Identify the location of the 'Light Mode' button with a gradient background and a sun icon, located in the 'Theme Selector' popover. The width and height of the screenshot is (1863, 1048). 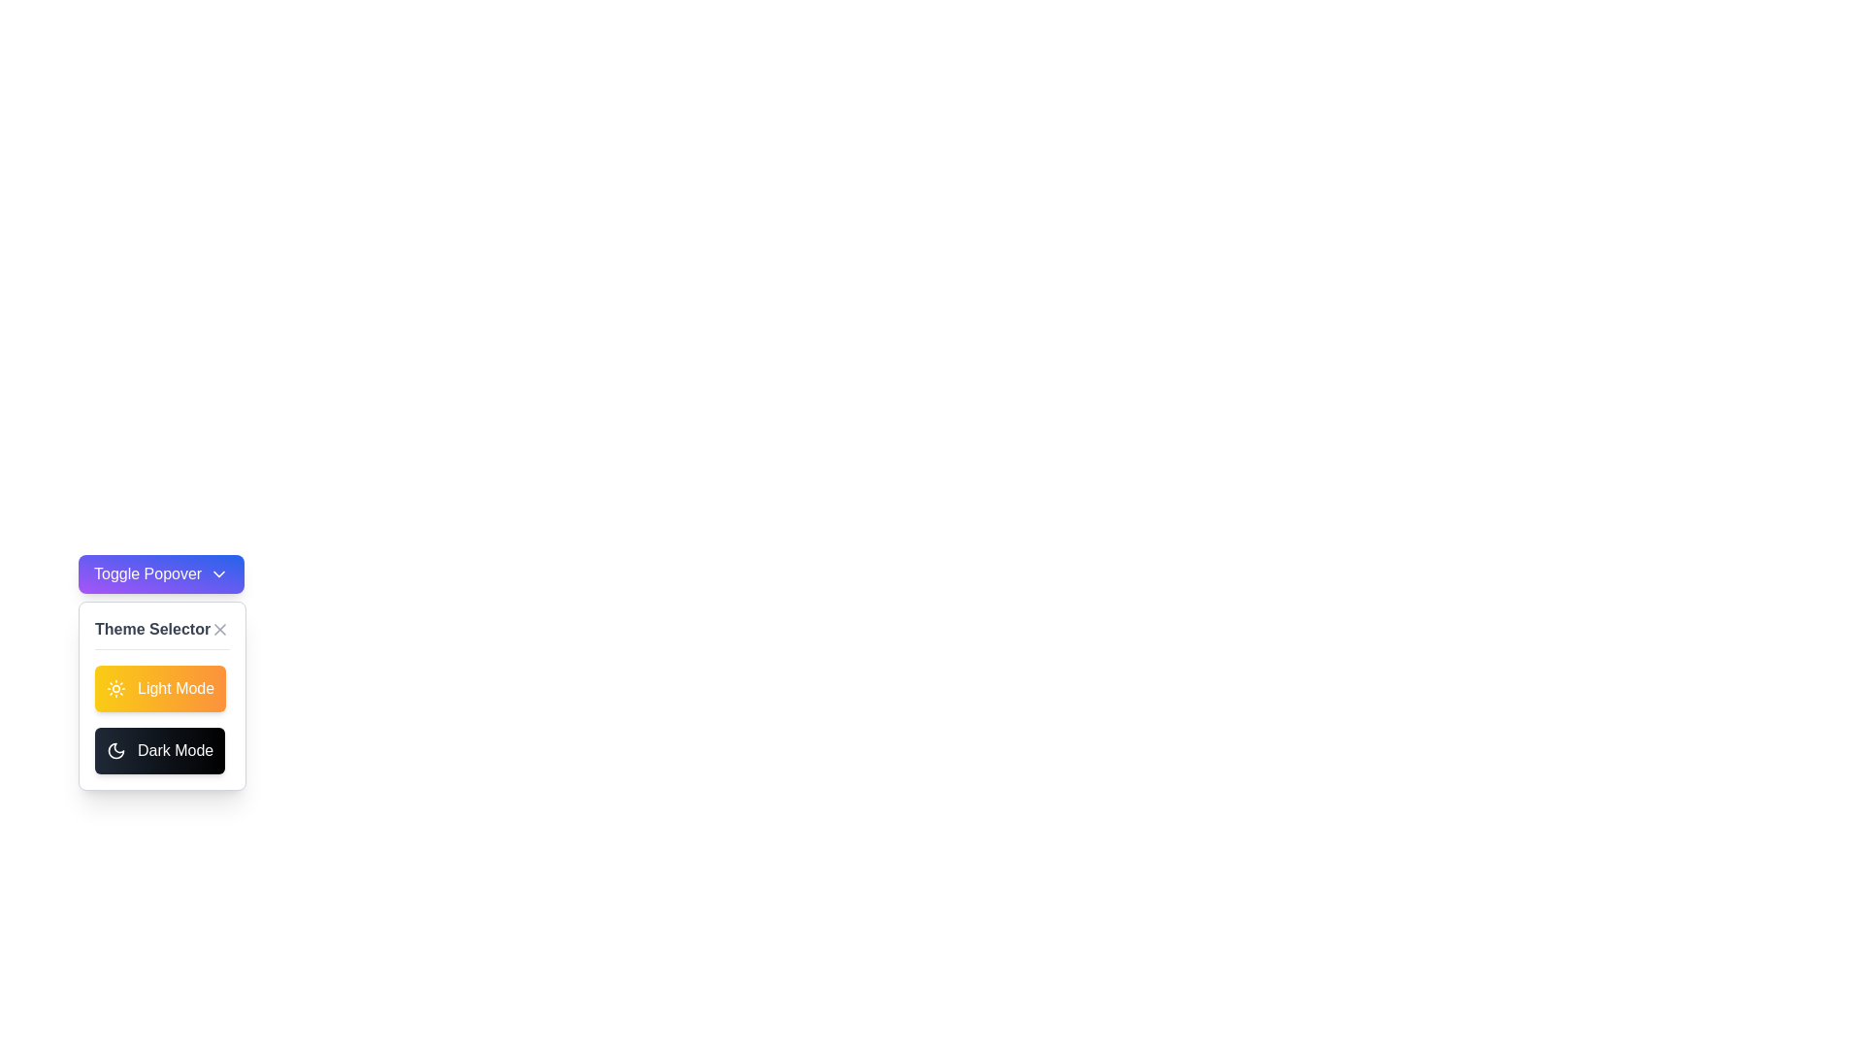
(160, 687).